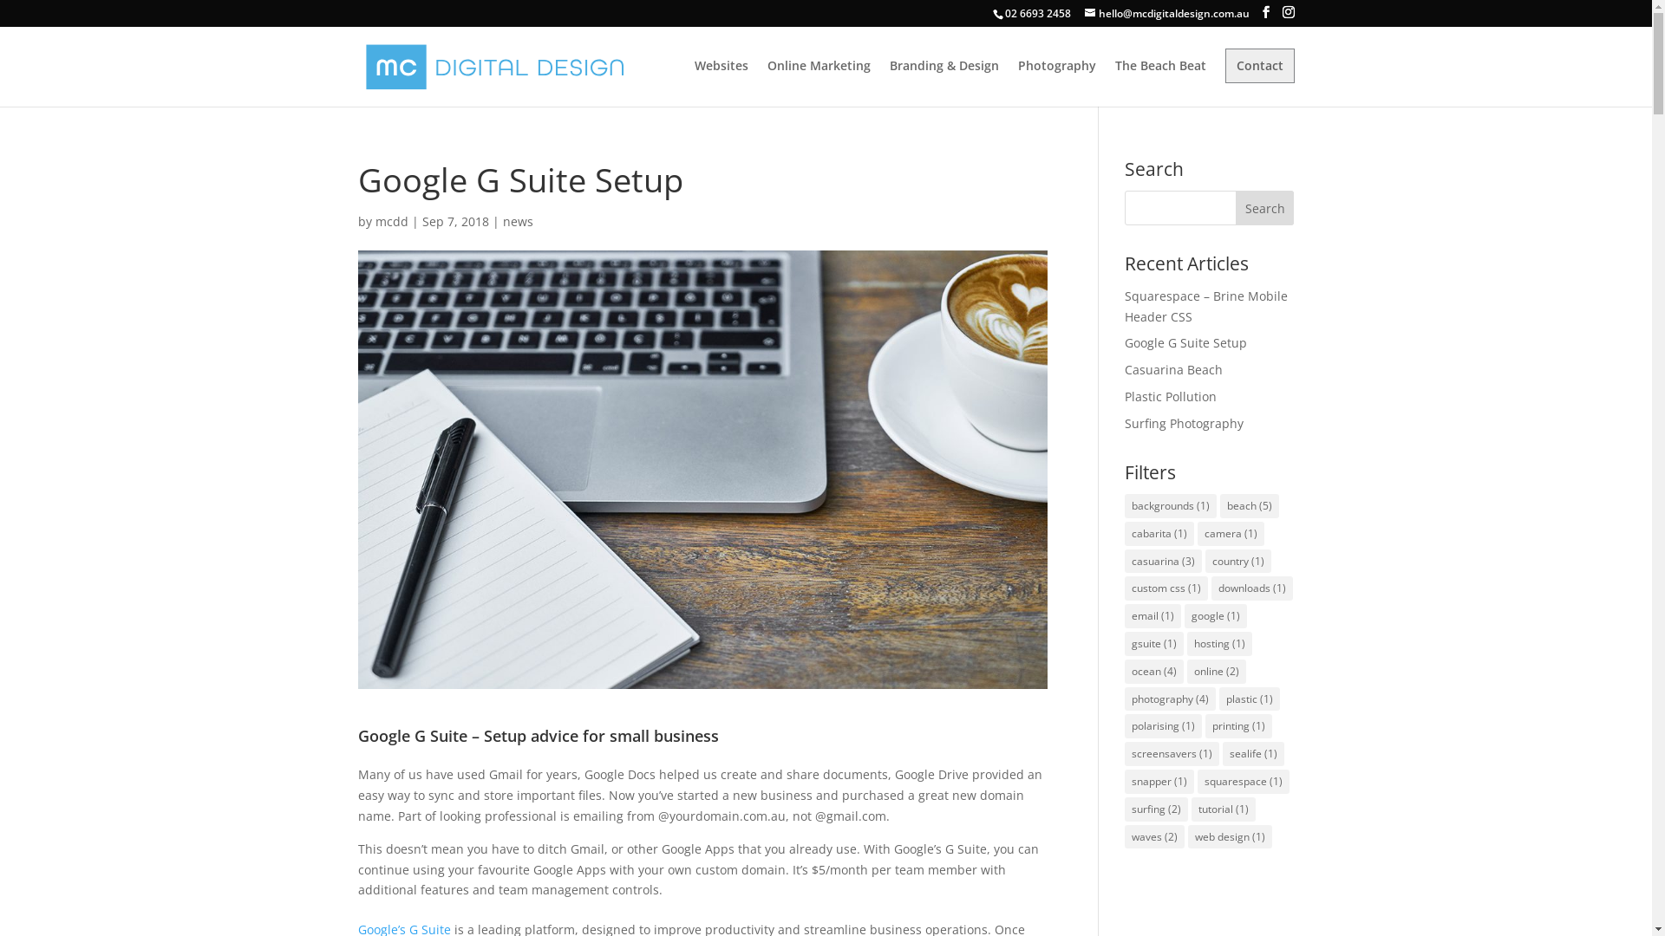 This screenshot has width=1665, height=936. What do you see at coordinates (1218, 644) in the screenshot?
I see `'hosting (1)'` at bounding box center [1218, 644].